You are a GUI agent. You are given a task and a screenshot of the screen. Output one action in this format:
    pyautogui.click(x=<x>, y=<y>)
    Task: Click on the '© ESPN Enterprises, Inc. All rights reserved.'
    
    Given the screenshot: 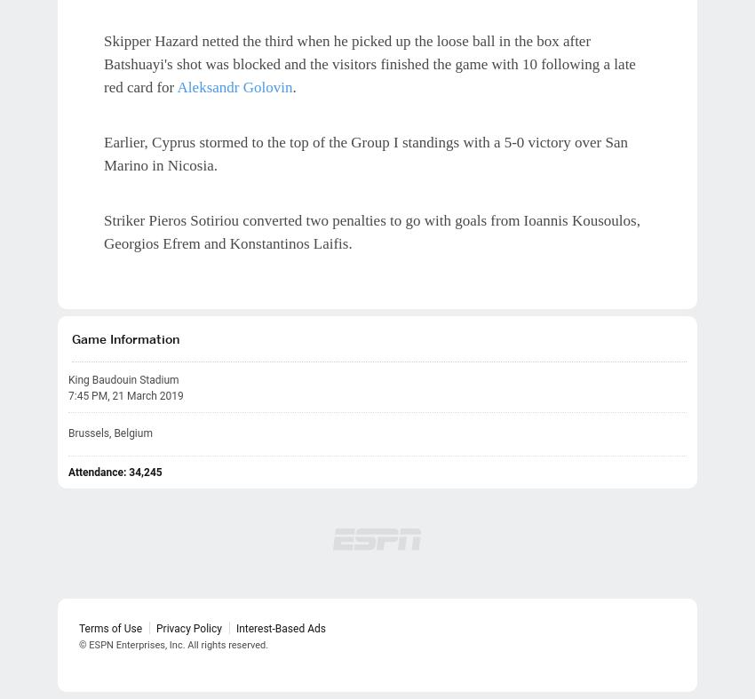 What is the action you would take?
    pyautogui.click(x=172, y=645)
    